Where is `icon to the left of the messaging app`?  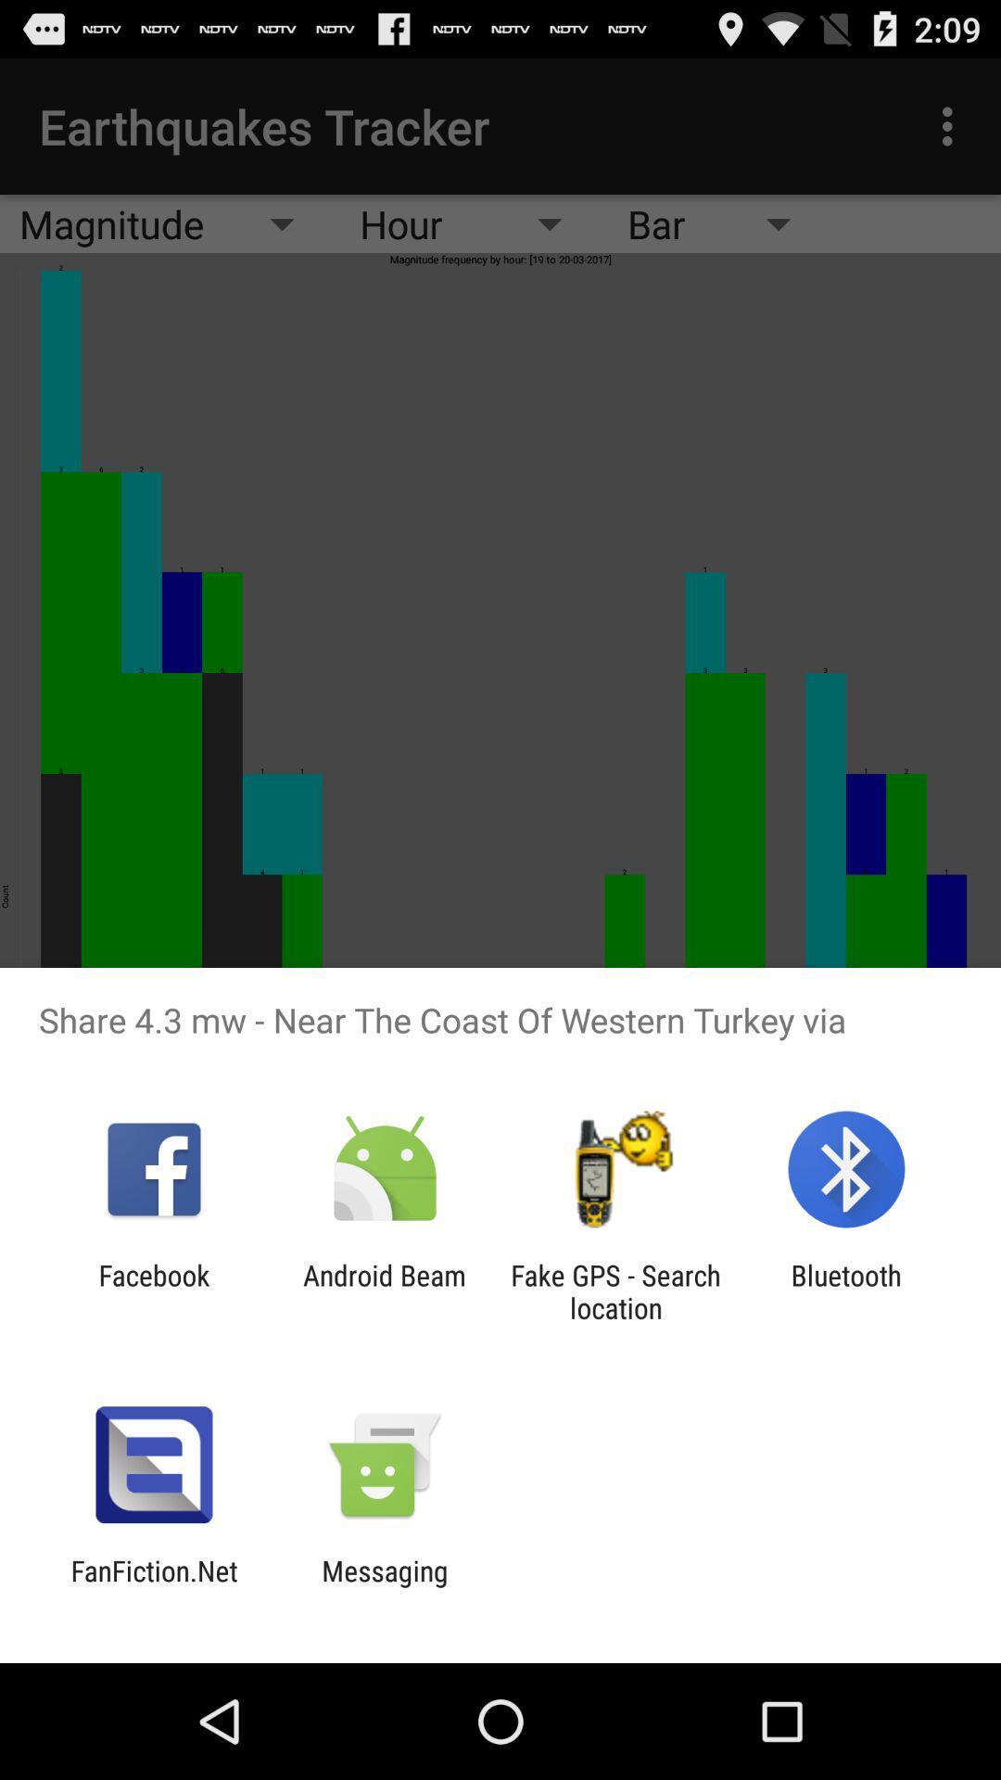
icon to the left of the messaging app is located at coordinates (153, 1586).